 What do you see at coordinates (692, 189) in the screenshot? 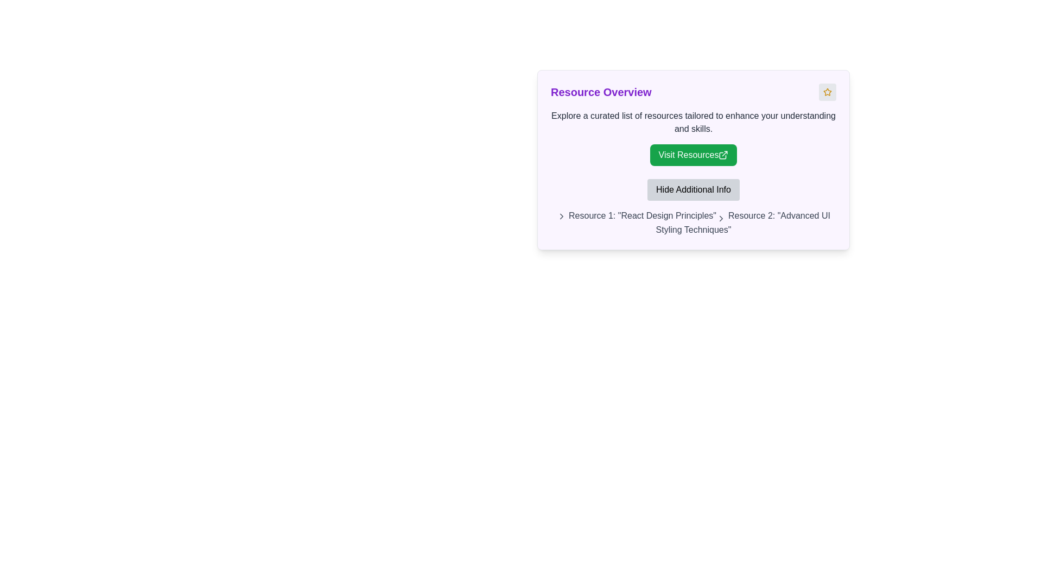
I see `the 'Hide Additional Info' button, which is a rectangular button with a gray background, located below the 'Visit Resources' button in the 'Resource Overview' section` at bounding box center [692, 189].